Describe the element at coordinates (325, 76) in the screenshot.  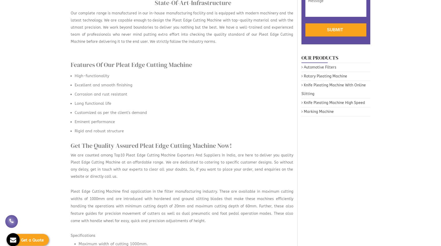
I see `'Rotary Pleating Machine'` at that location.